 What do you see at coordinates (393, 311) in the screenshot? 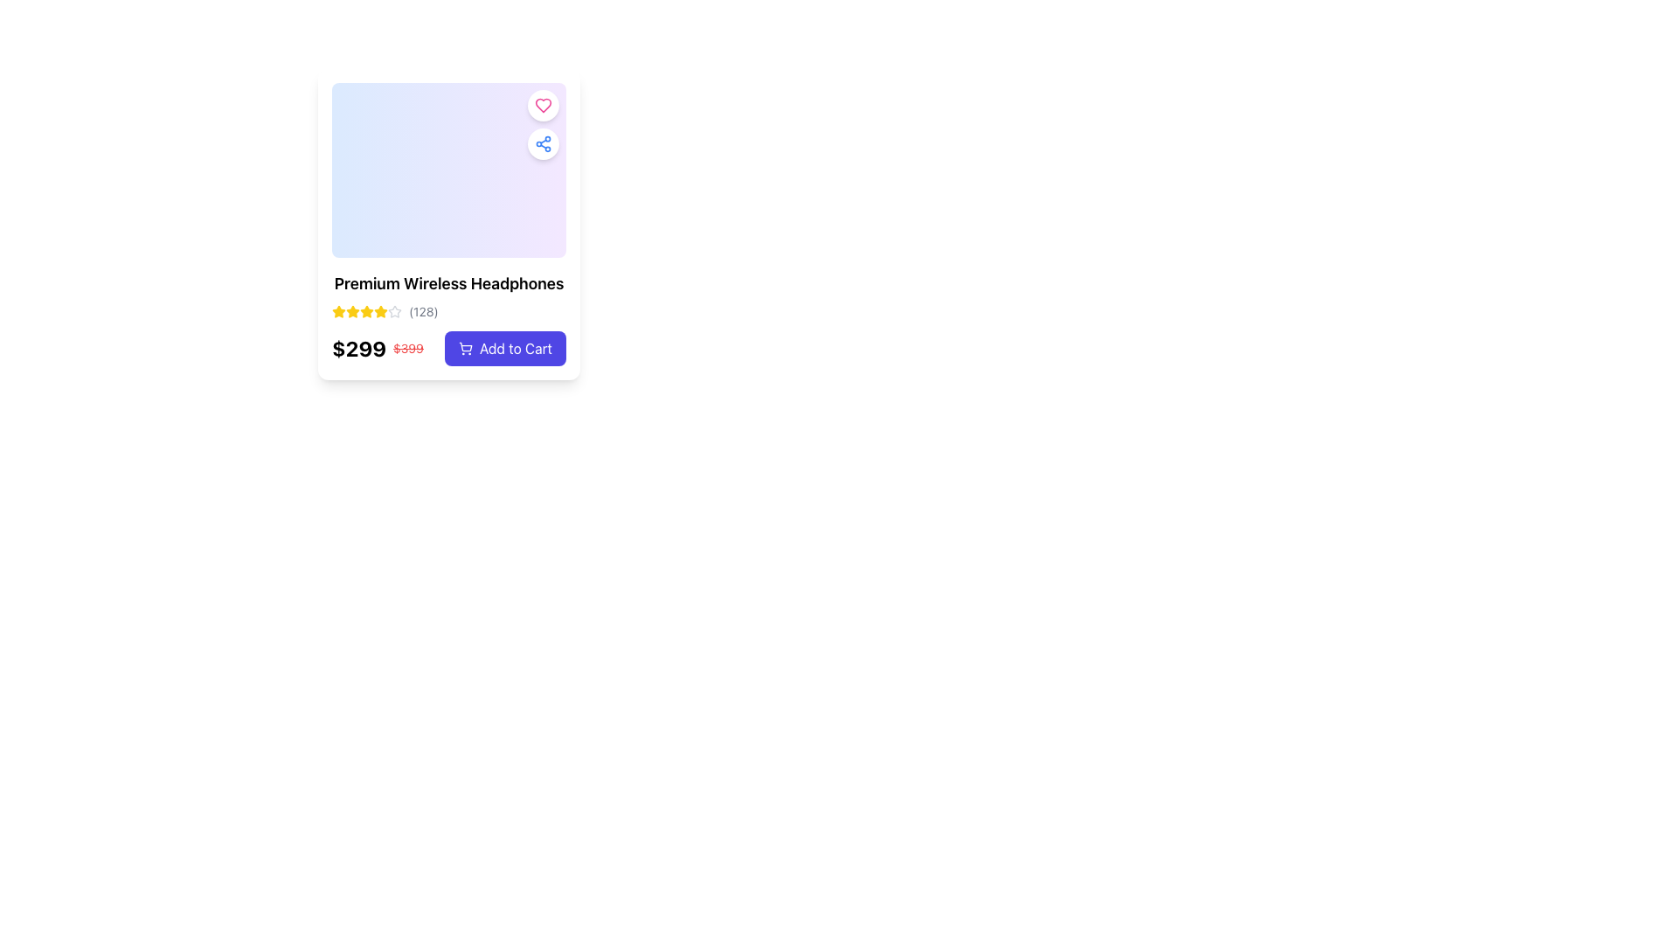
I see `the fifth star icon in the rating system, which is outlined in gray and represents an unselected state` at bounding box center [393, 311].